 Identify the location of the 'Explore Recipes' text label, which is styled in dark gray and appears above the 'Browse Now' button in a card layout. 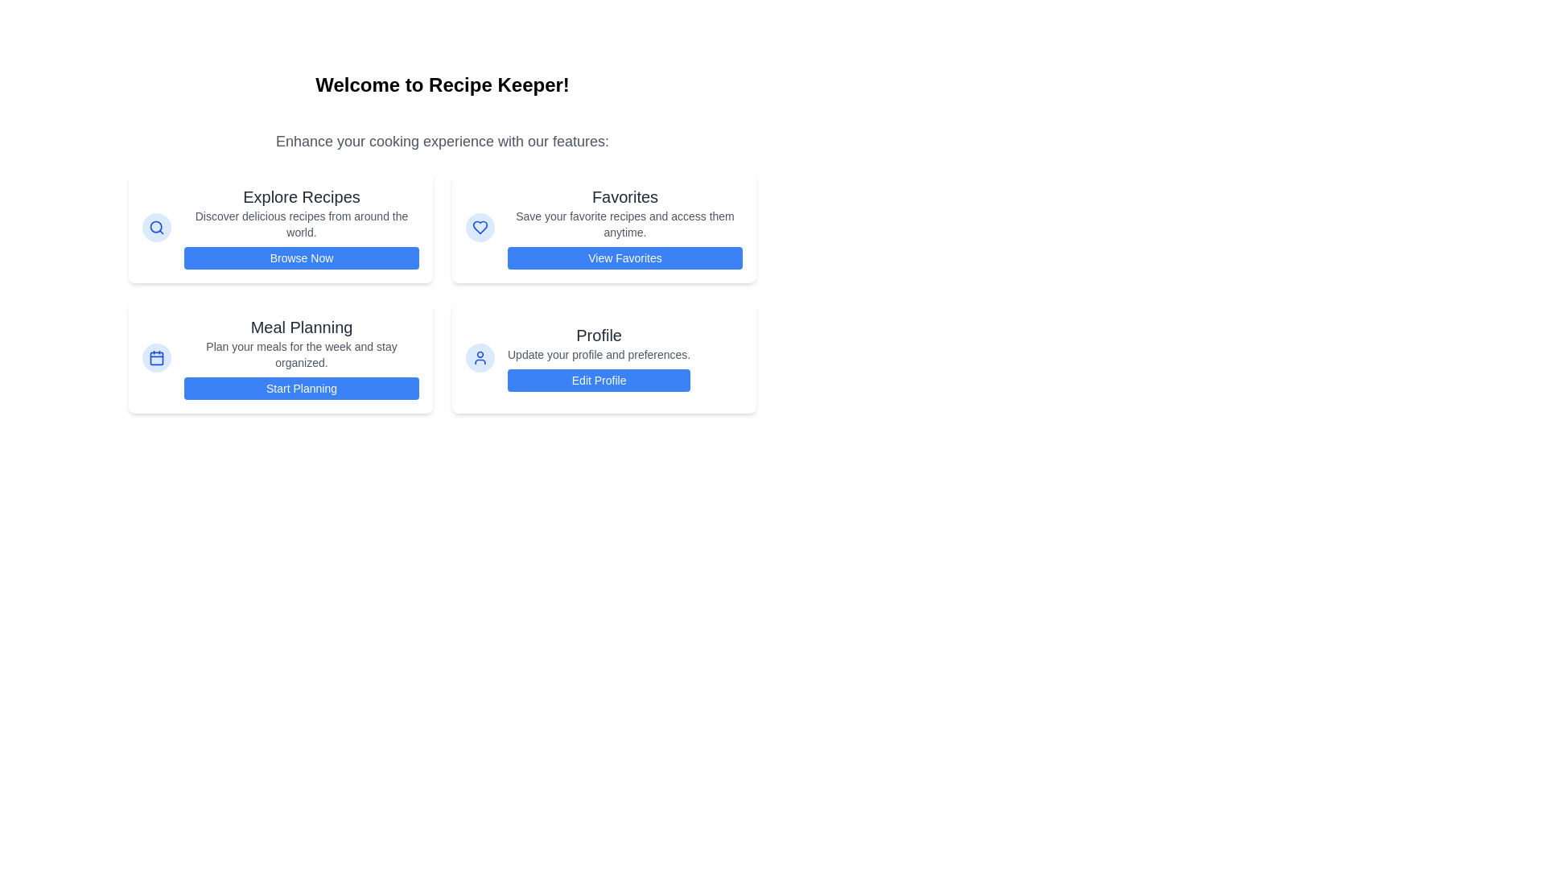
(301, 196).